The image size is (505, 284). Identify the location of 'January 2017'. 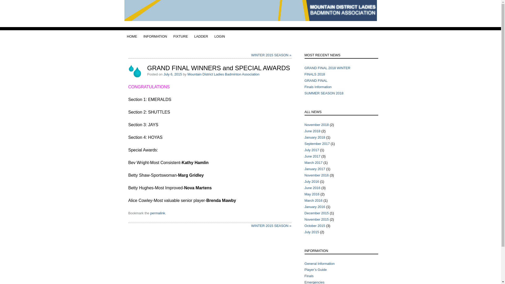
(315, 169).